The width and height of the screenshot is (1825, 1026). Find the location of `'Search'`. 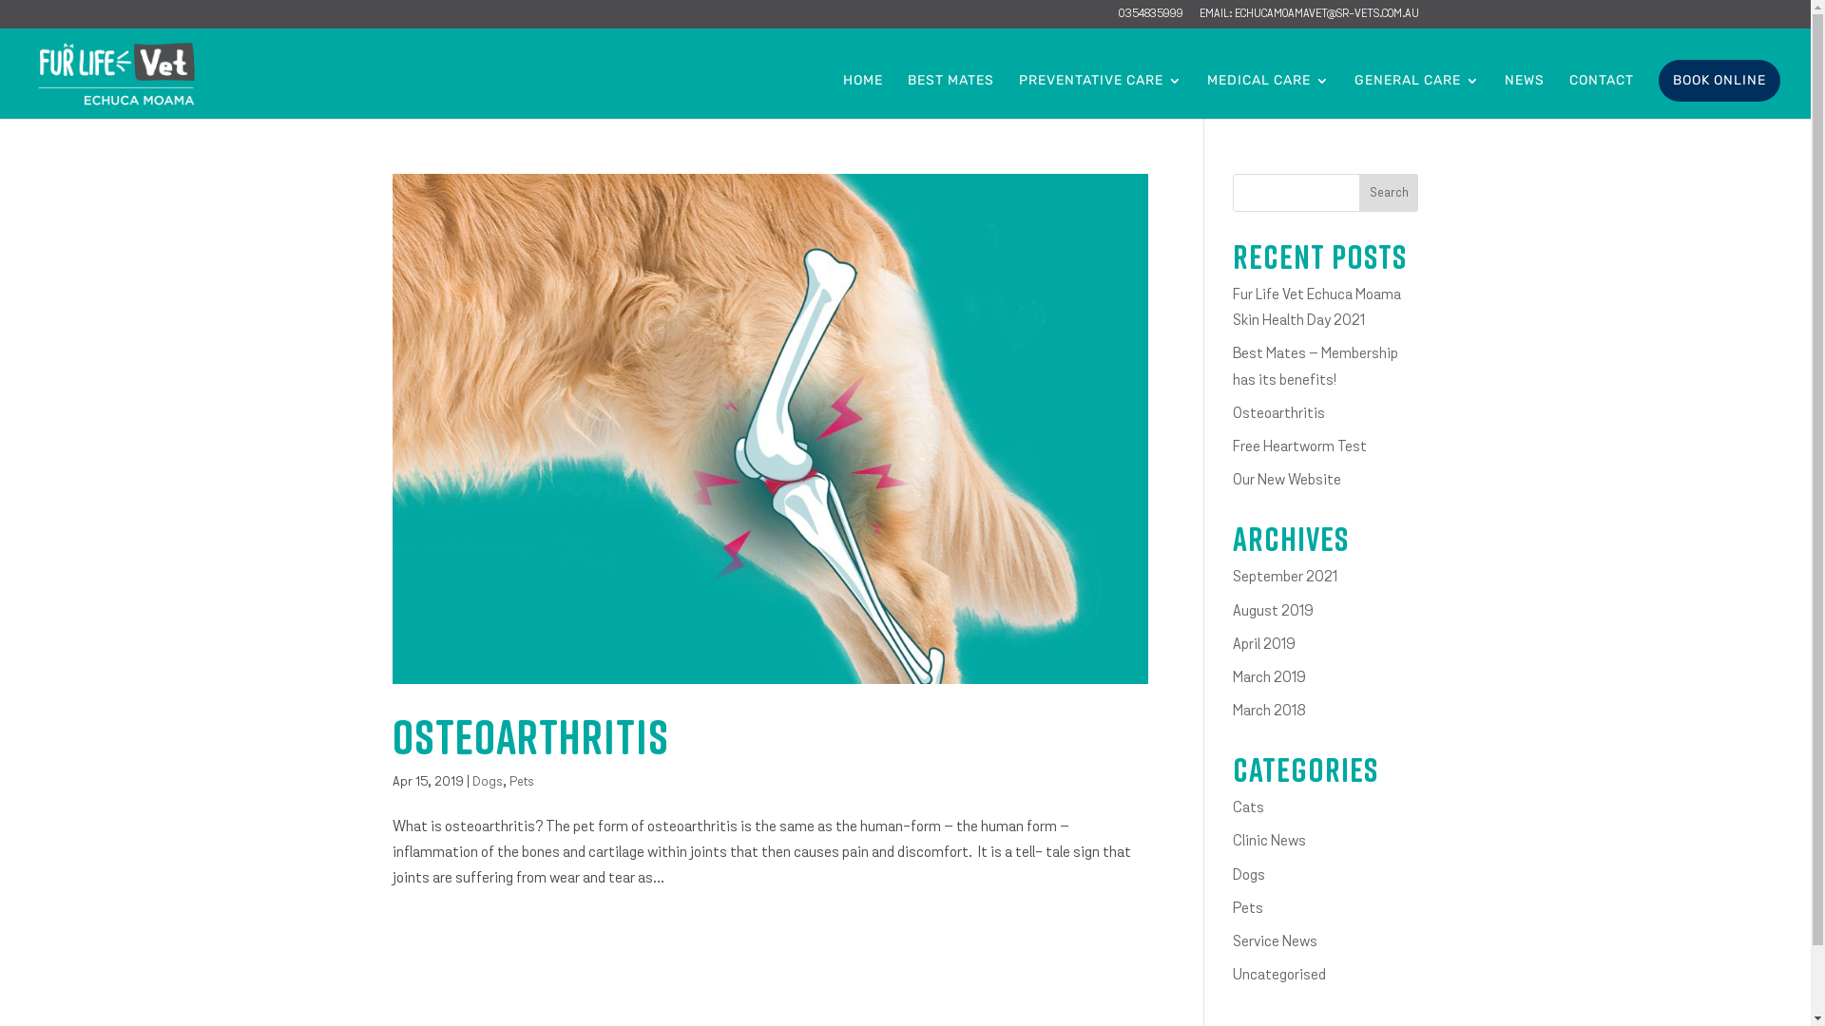

'Search' is located at coordinates (1389, 193).